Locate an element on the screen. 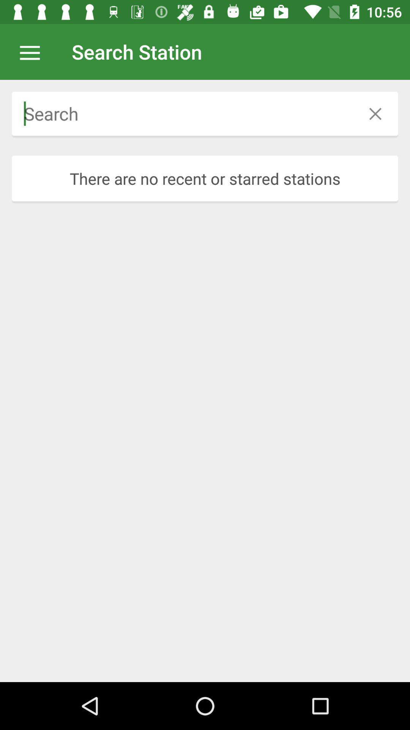 The image size is (410, 730). open menu is located at coordinates (33, 51).